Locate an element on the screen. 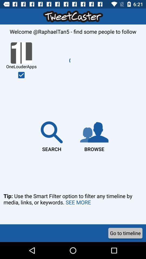 This screenshot has height=259, width=146. the icon above tip use the icon is located at coordinates (52, 135).